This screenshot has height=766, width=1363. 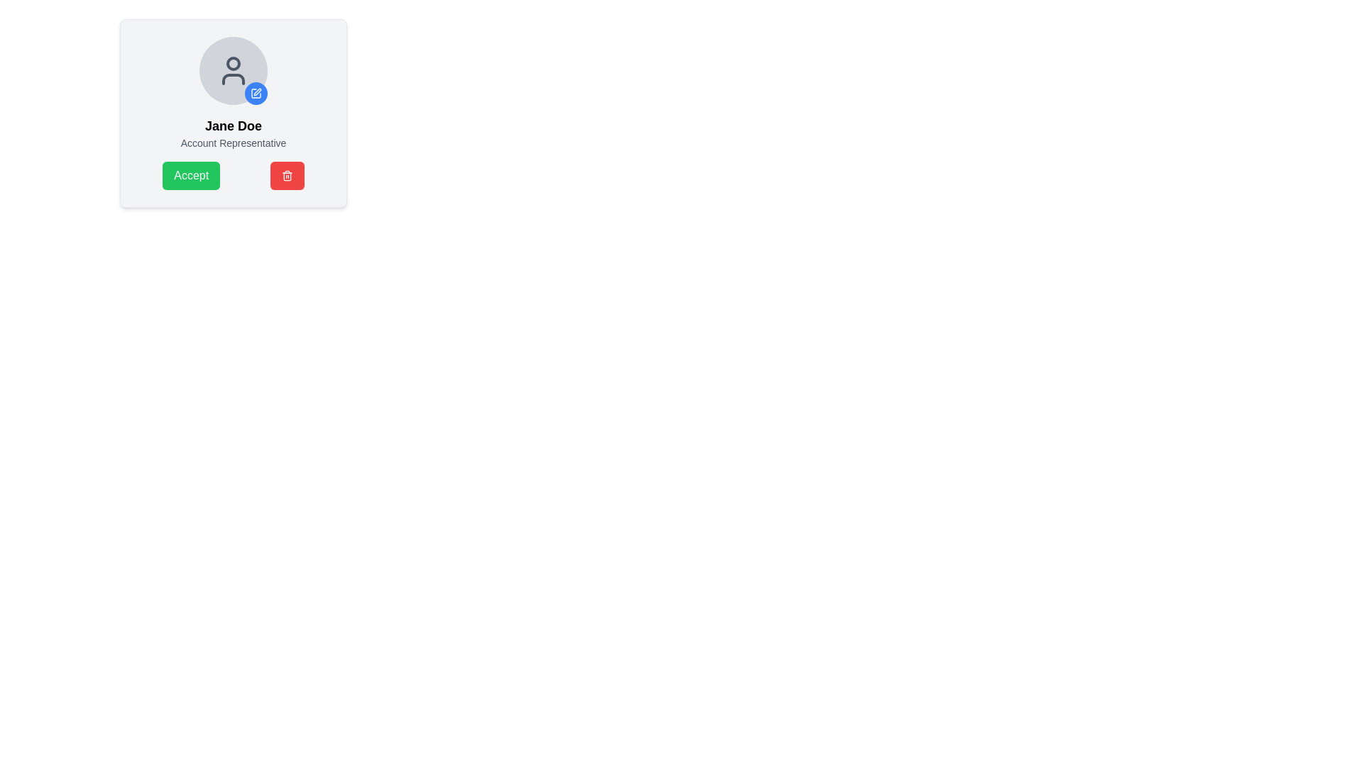 What do you see at coordinates (233, 143) in the screenshot?
I see `the Text Label that provides additional information about the user 'Jane Doe', positioned below the user's name and above the green 'Accept' button` at bounding box center [233, 143].